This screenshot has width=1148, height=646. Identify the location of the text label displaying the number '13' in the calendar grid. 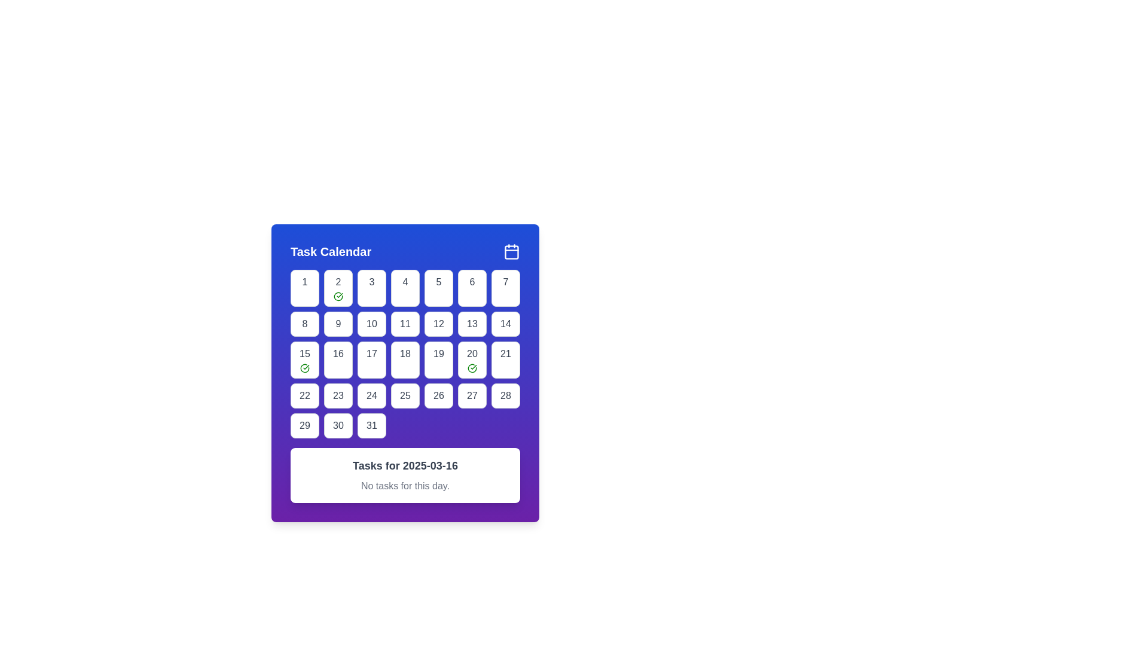
(472, 324).